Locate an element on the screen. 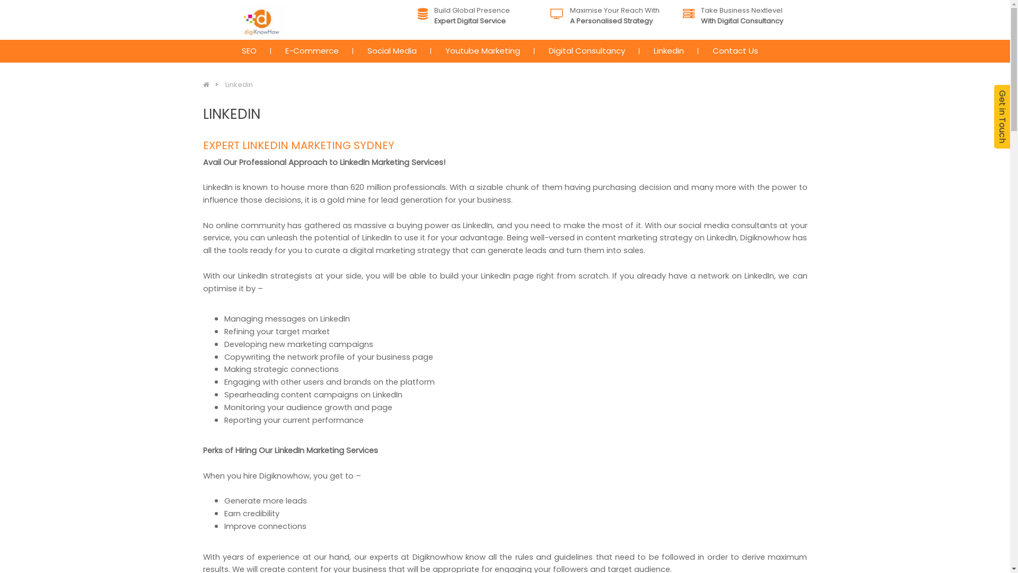  'Get in Touch' is located at coordinates (994, 116).